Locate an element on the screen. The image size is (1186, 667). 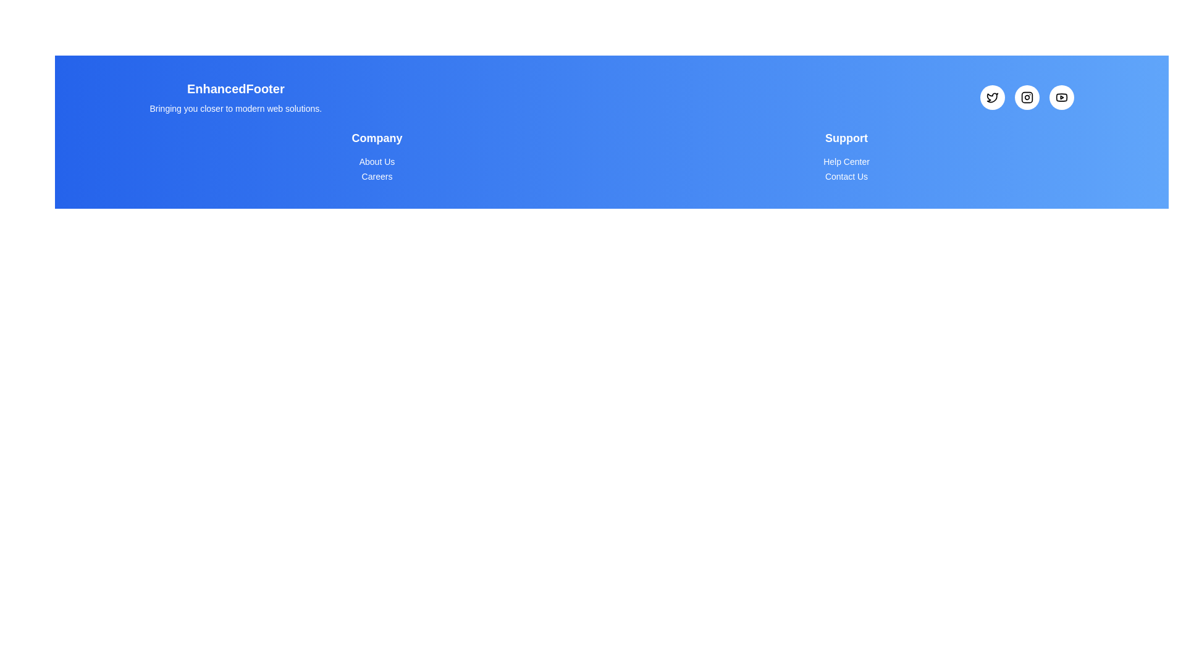
the bold, extra-large text label reading 'EnhancedFooter' located in the top left section of a blue footer area is located at coordinates (235, 88).